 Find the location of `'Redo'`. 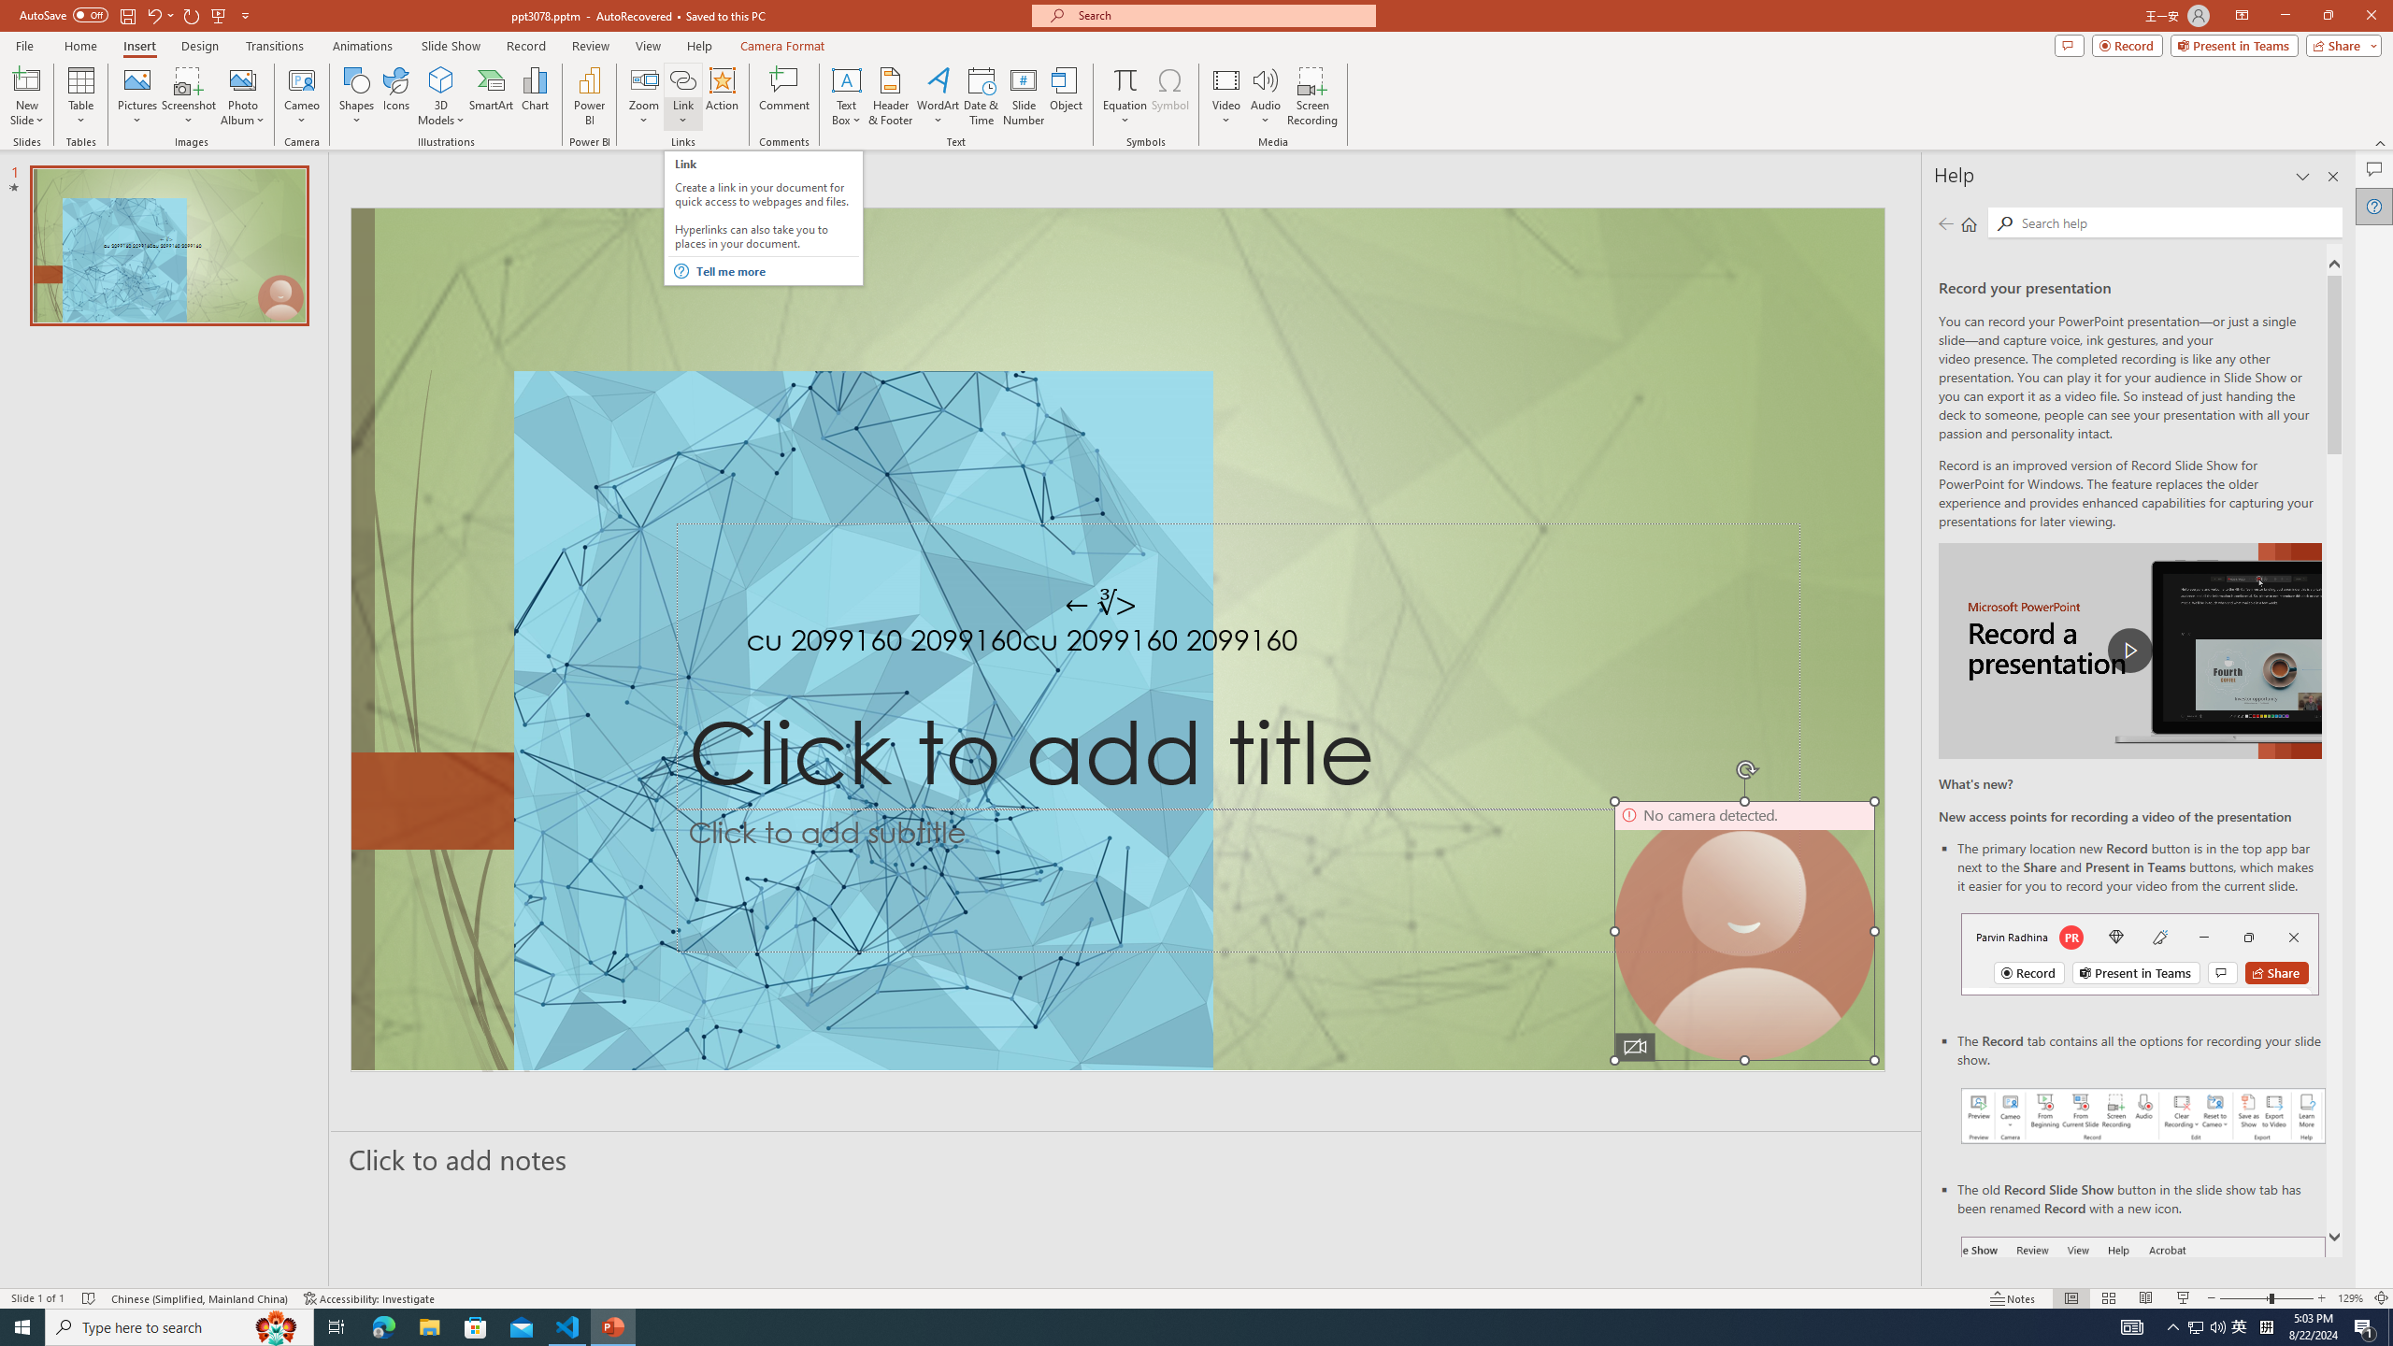

'Redo' is located at coordinates (192, 14).